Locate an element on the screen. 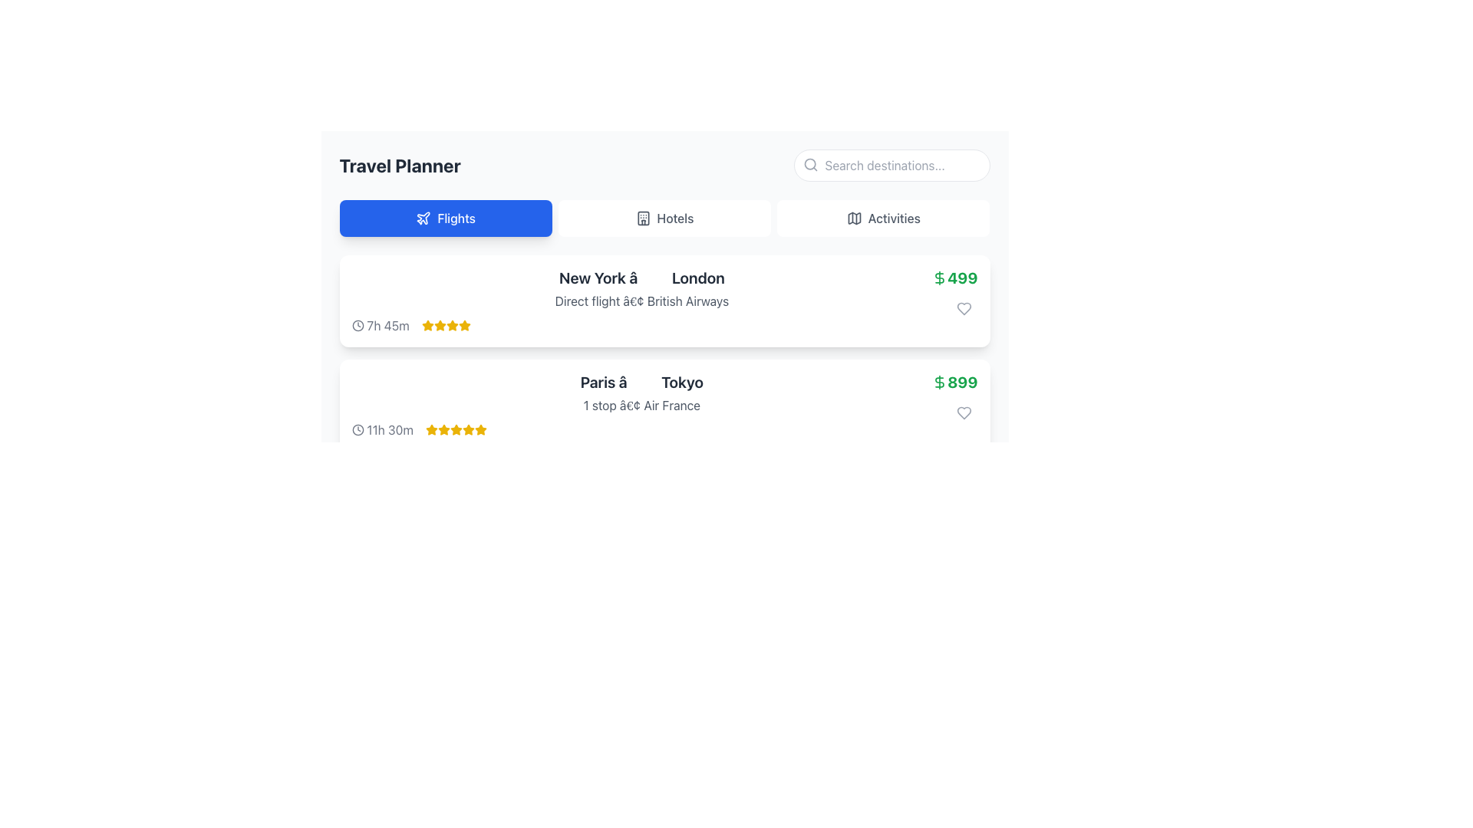 The height and width of the screenshot is (828, 1473). duration displayed in the Text with icon component showing '11h 30m' next to the clock icon in the second row of flight options is located at coordinates (382, 429).